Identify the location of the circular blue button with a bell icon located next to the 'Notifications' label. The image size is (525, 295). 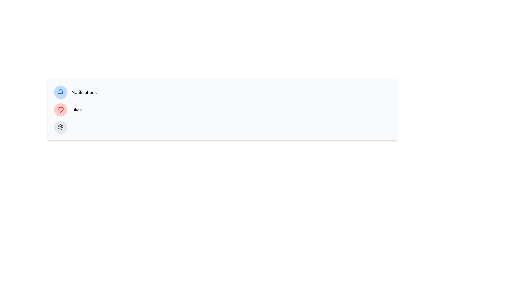
(60, 92).